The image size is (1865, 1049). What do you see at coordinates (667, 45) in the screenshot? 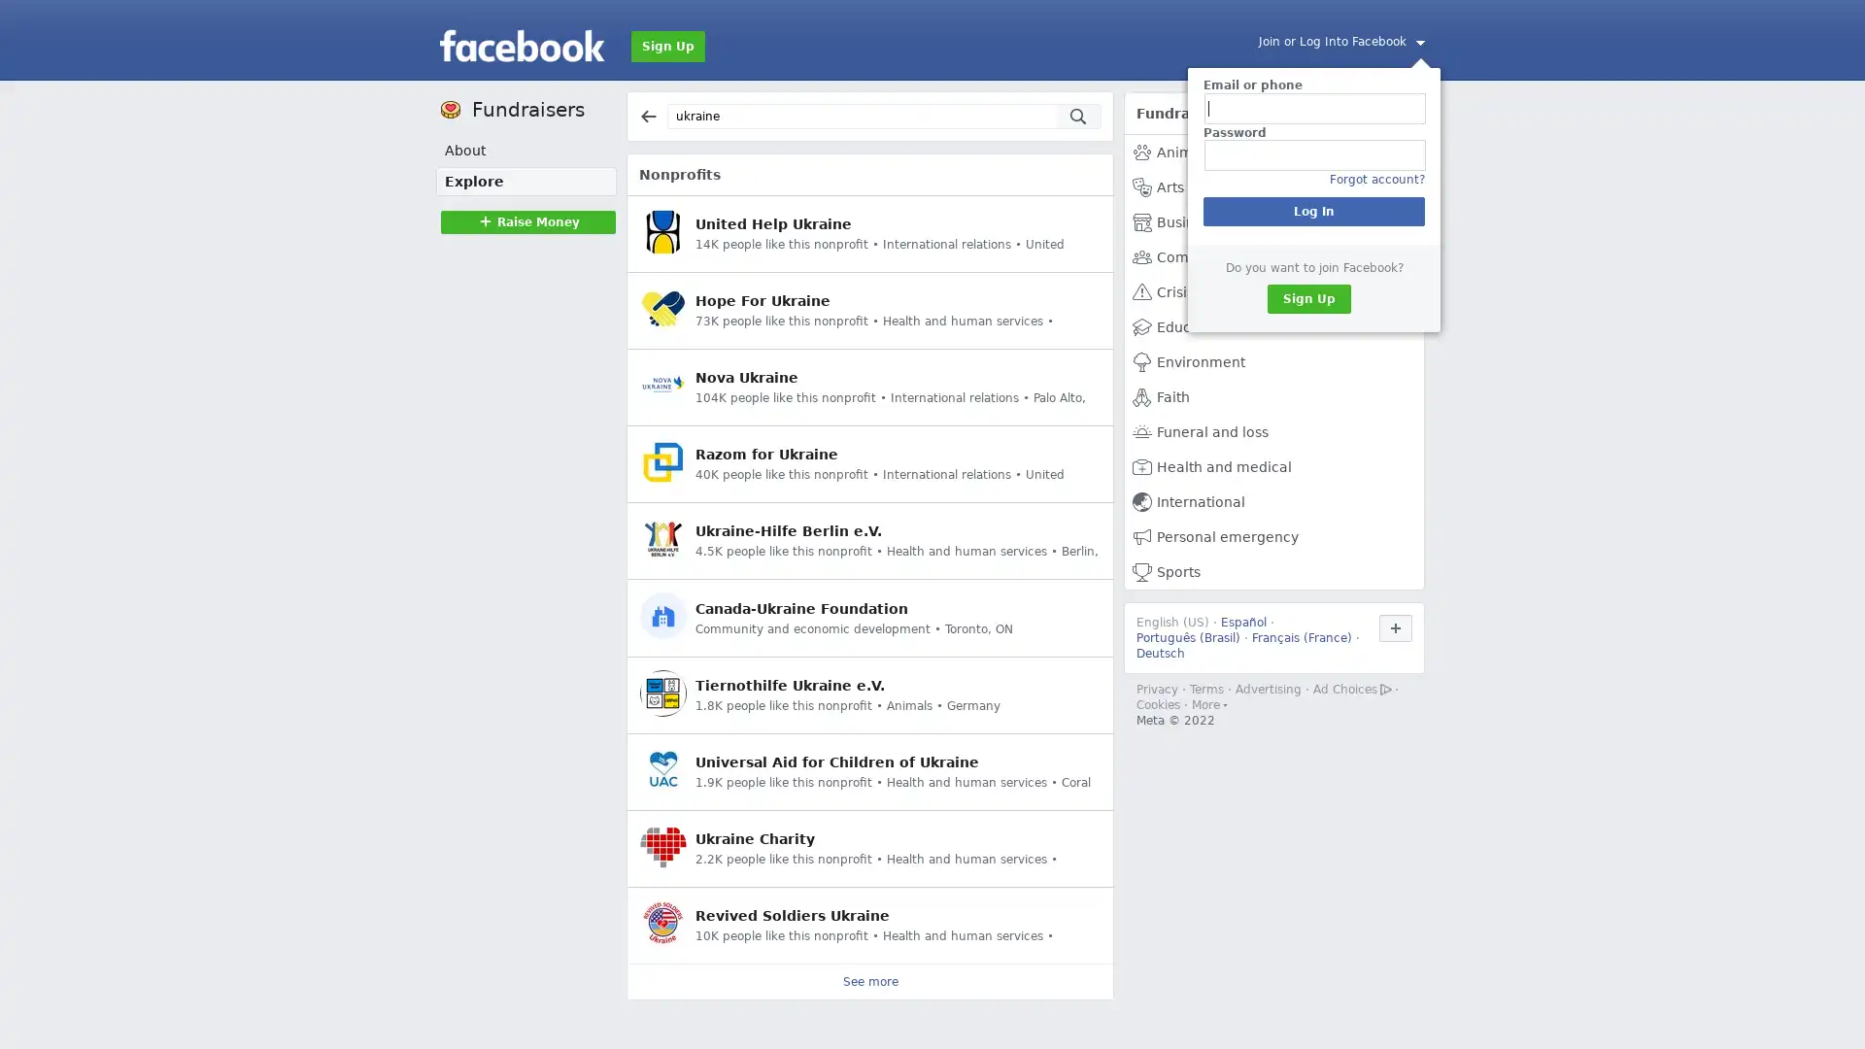
I see `Sign Up` at bounding box center [667, 45].